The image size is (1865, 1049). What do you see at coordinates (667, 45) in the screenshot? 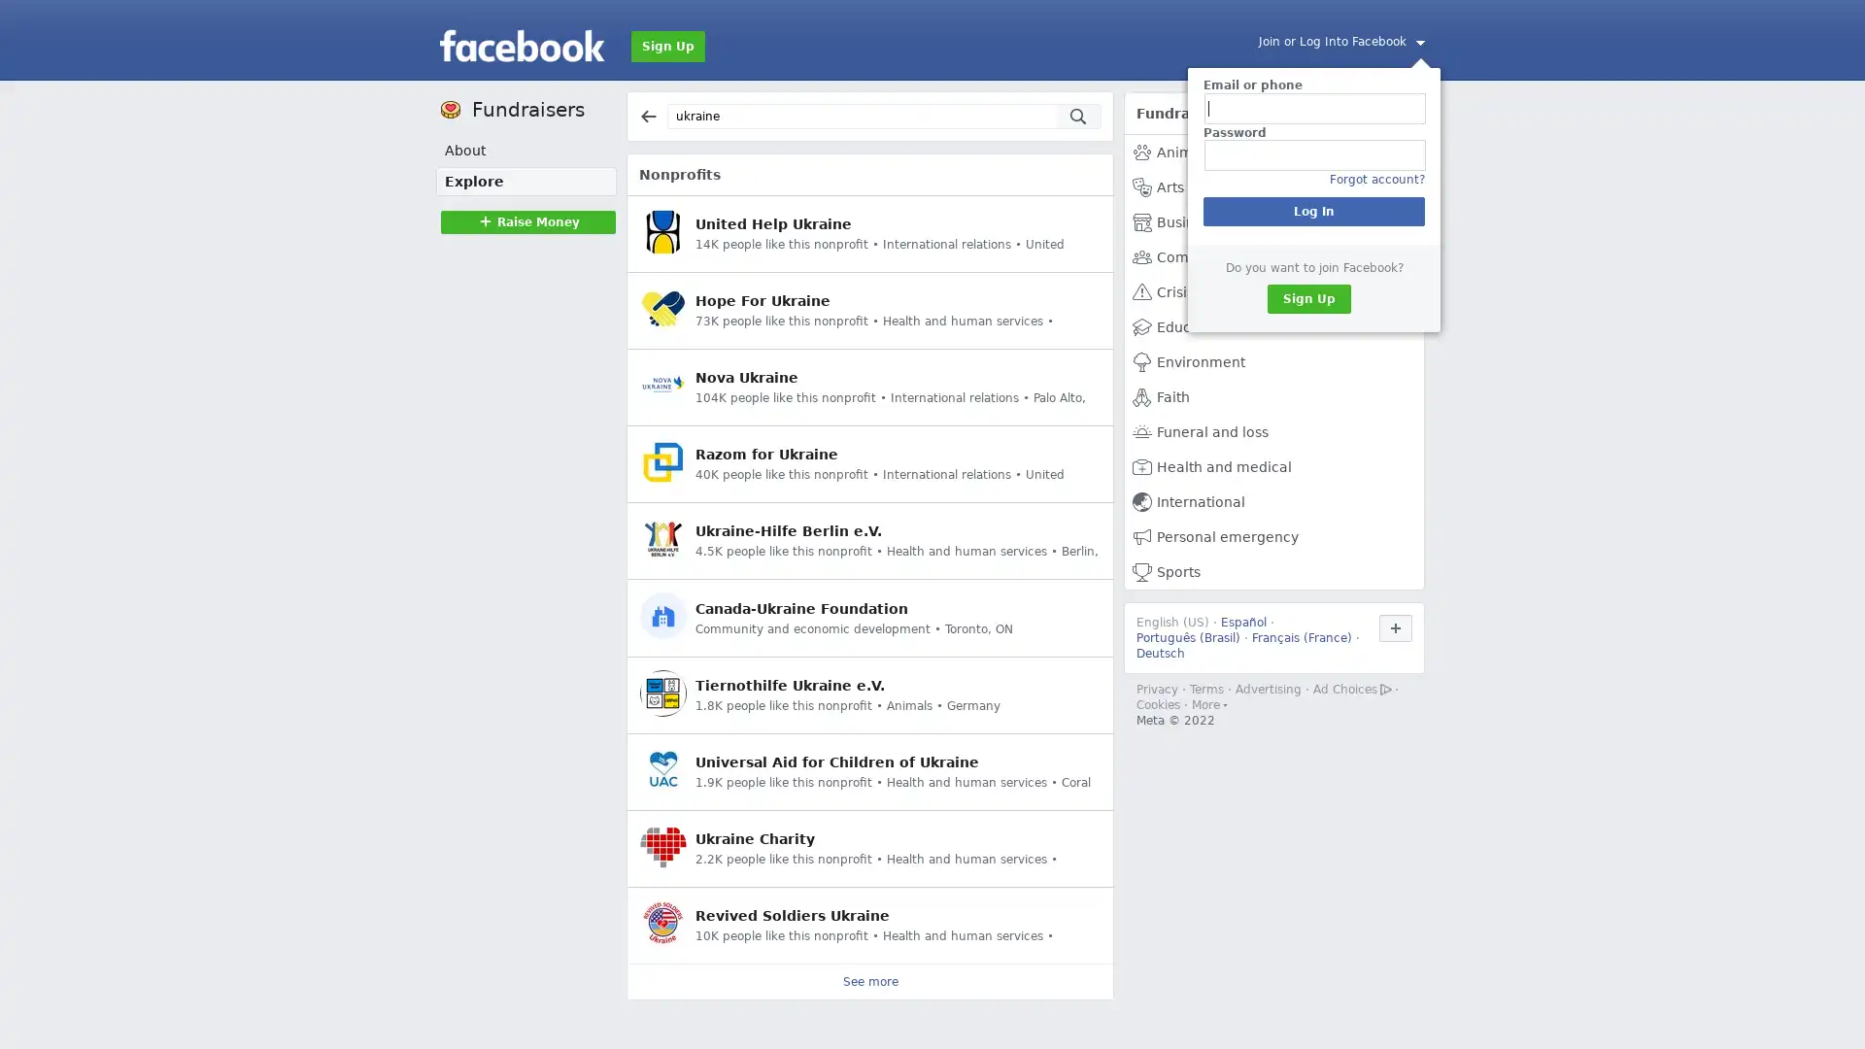
I see `Sign Up` at bounding box center [667, 45].